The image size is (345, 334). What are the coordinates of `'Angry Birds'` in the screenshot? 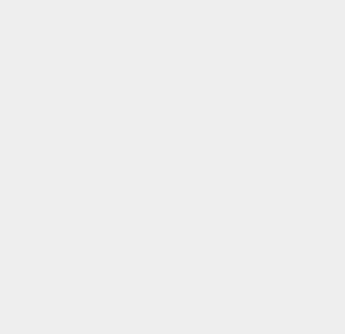 It's located at (255, 194).